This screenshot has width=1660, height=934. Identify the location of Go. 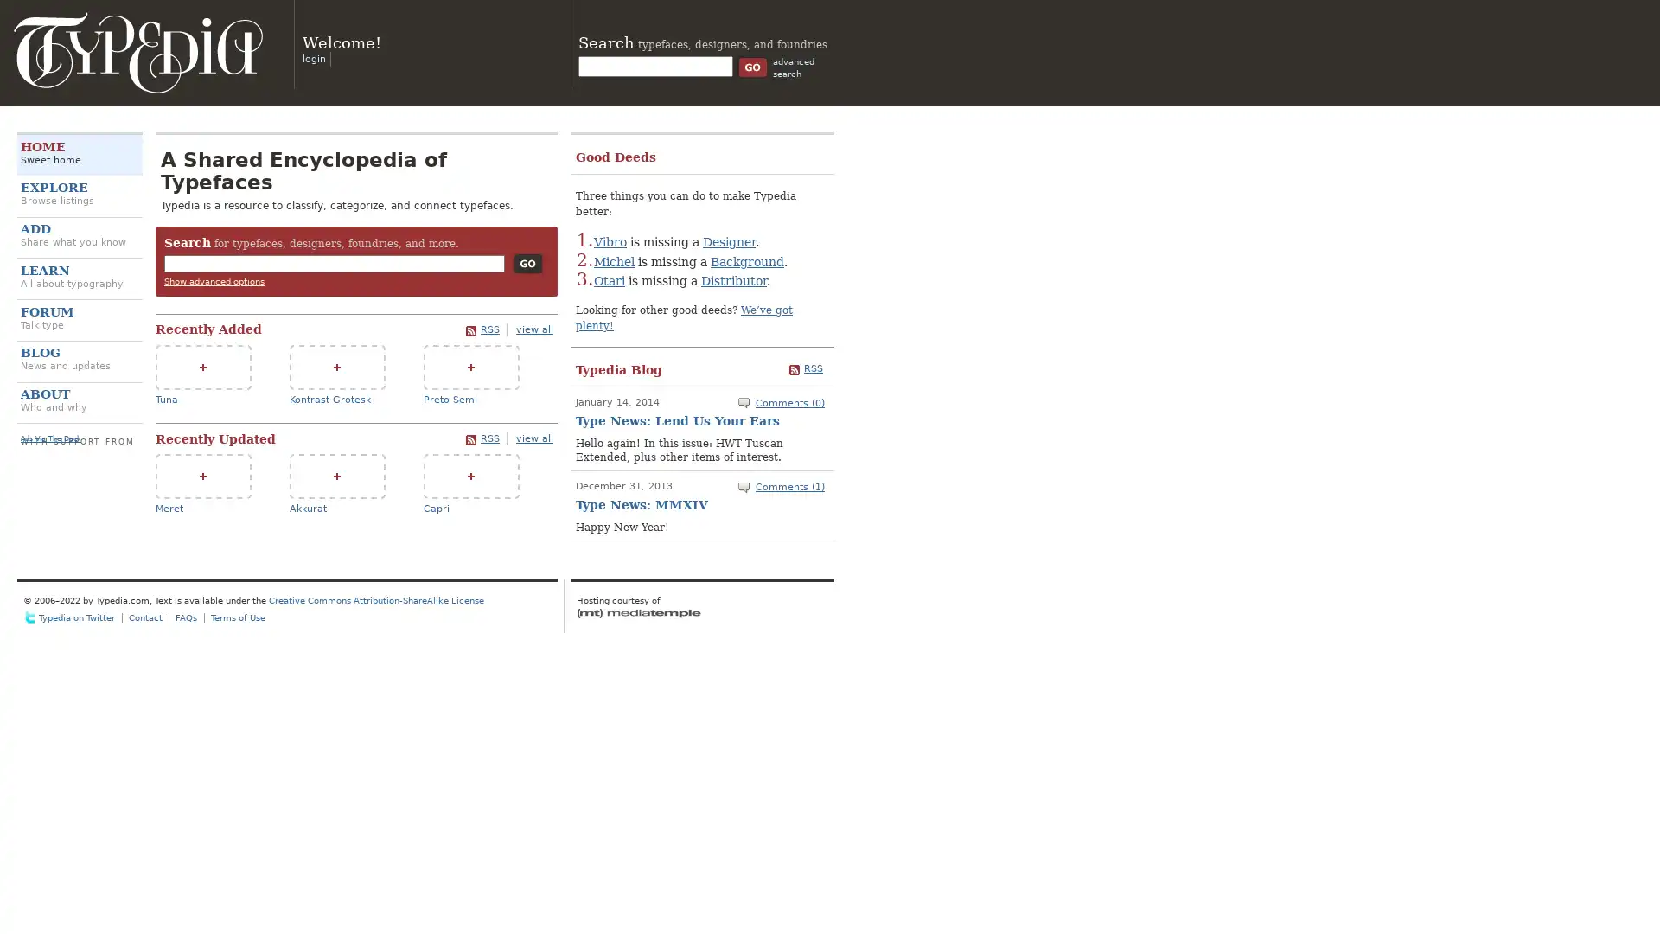
(752, 66).